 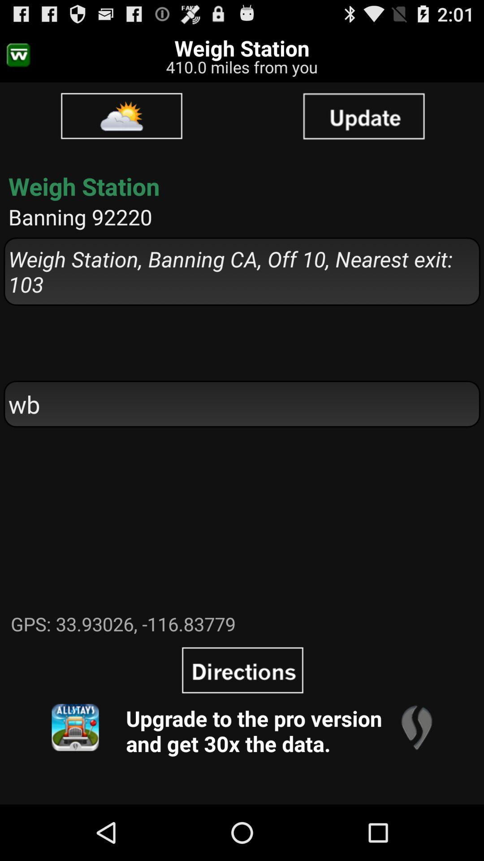 What do you see at coordinates (363, 115) in the screenshot?
I see `app above banning 92220  icon` at bounding box center [363, 115].